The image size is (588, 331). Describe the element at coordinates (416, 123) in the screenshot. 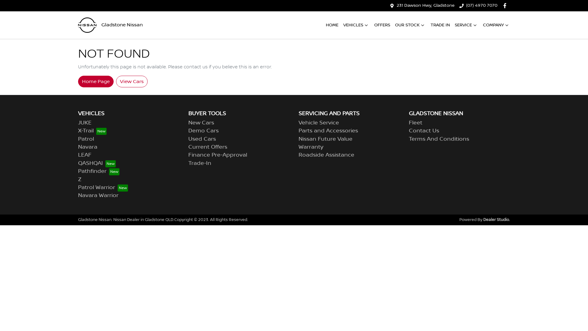

I see `'Fleet'` at that location.